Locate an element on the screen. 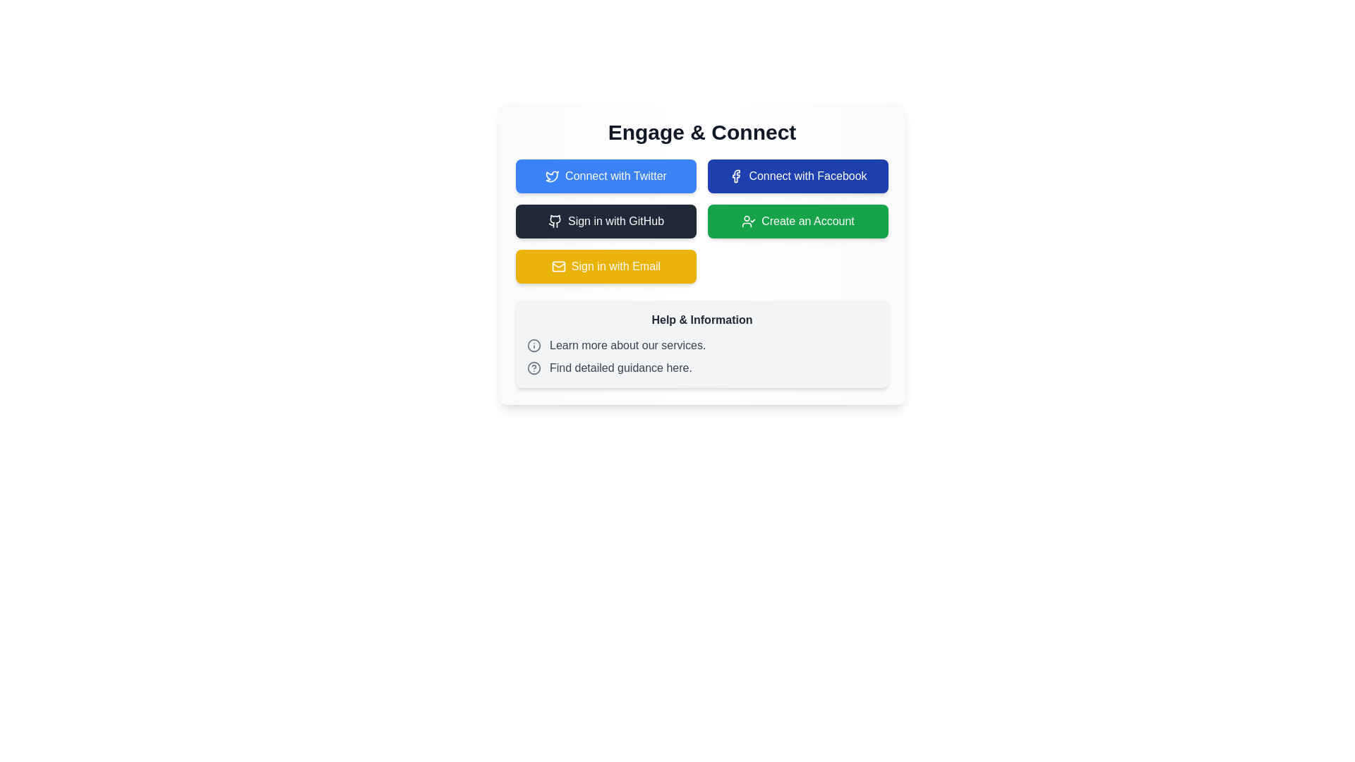 Image resolution: width=1355 pixels, height=762 pixels. the Twitter connection icon, which is located at the leftmost part of the 'Connect with Twitter' button in the 'Engage & Connect' section is located at coordinates (552, 176).